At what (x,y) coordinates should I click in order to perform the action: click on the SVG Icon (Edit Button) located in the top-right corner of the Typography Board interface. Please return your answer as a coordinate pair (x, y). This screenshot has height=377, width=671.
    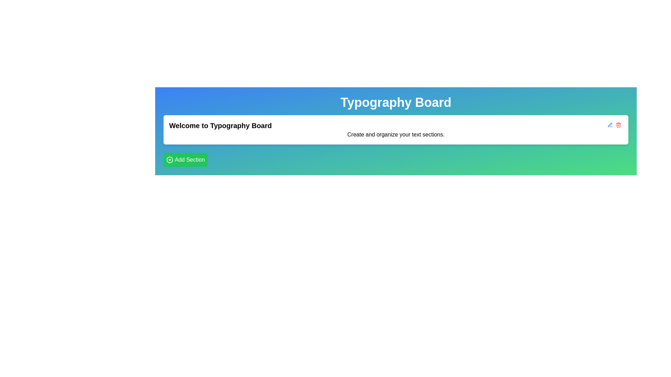
    Looking at the image, I should click on (610, 125).